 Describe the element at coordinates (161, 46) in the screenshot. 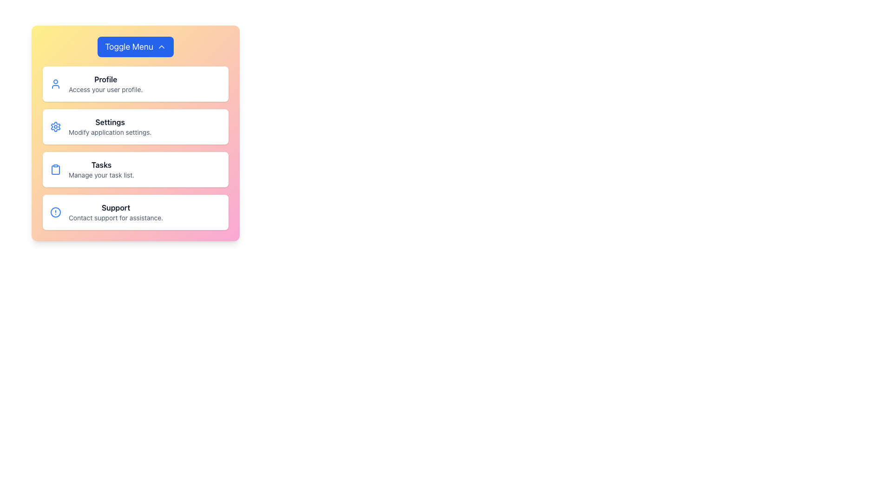

I see `the downward-pointing chevron icon with a white stroke color located to the right of the 'Toggle Menu' label within the blue button` at that location.